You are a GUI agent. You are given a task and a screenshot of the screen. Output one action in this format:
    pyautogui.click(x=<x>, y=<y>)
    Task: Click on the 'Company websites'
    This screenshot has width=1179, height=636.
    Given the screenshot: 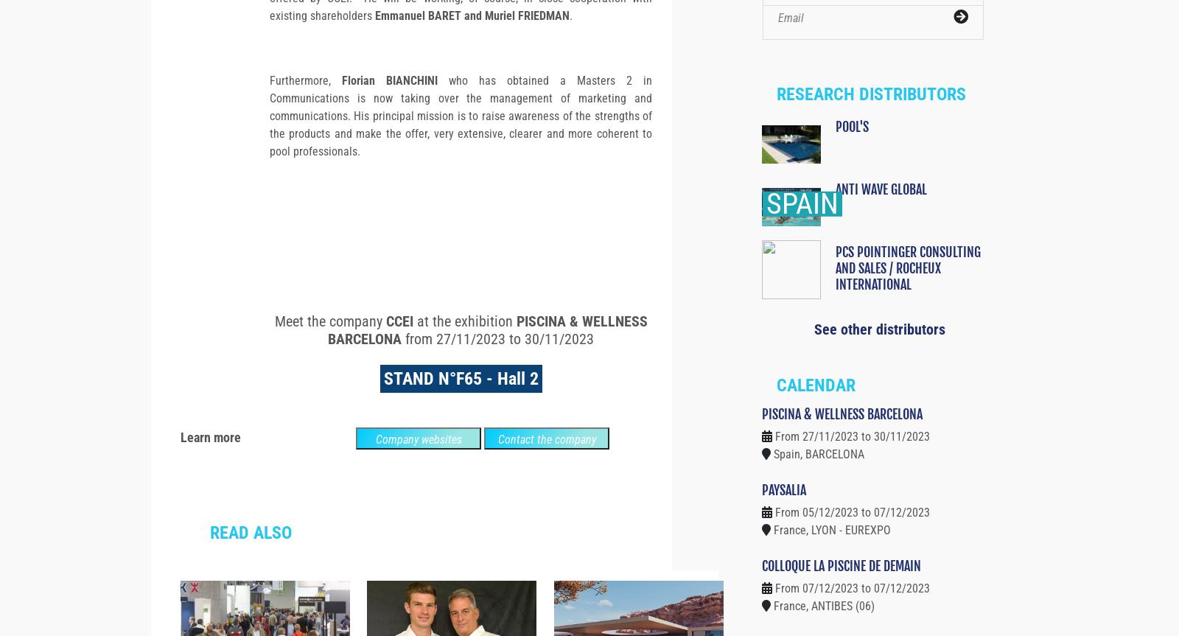 What is the action you would take?
    pyautogui.click(x=417, y=465)
    